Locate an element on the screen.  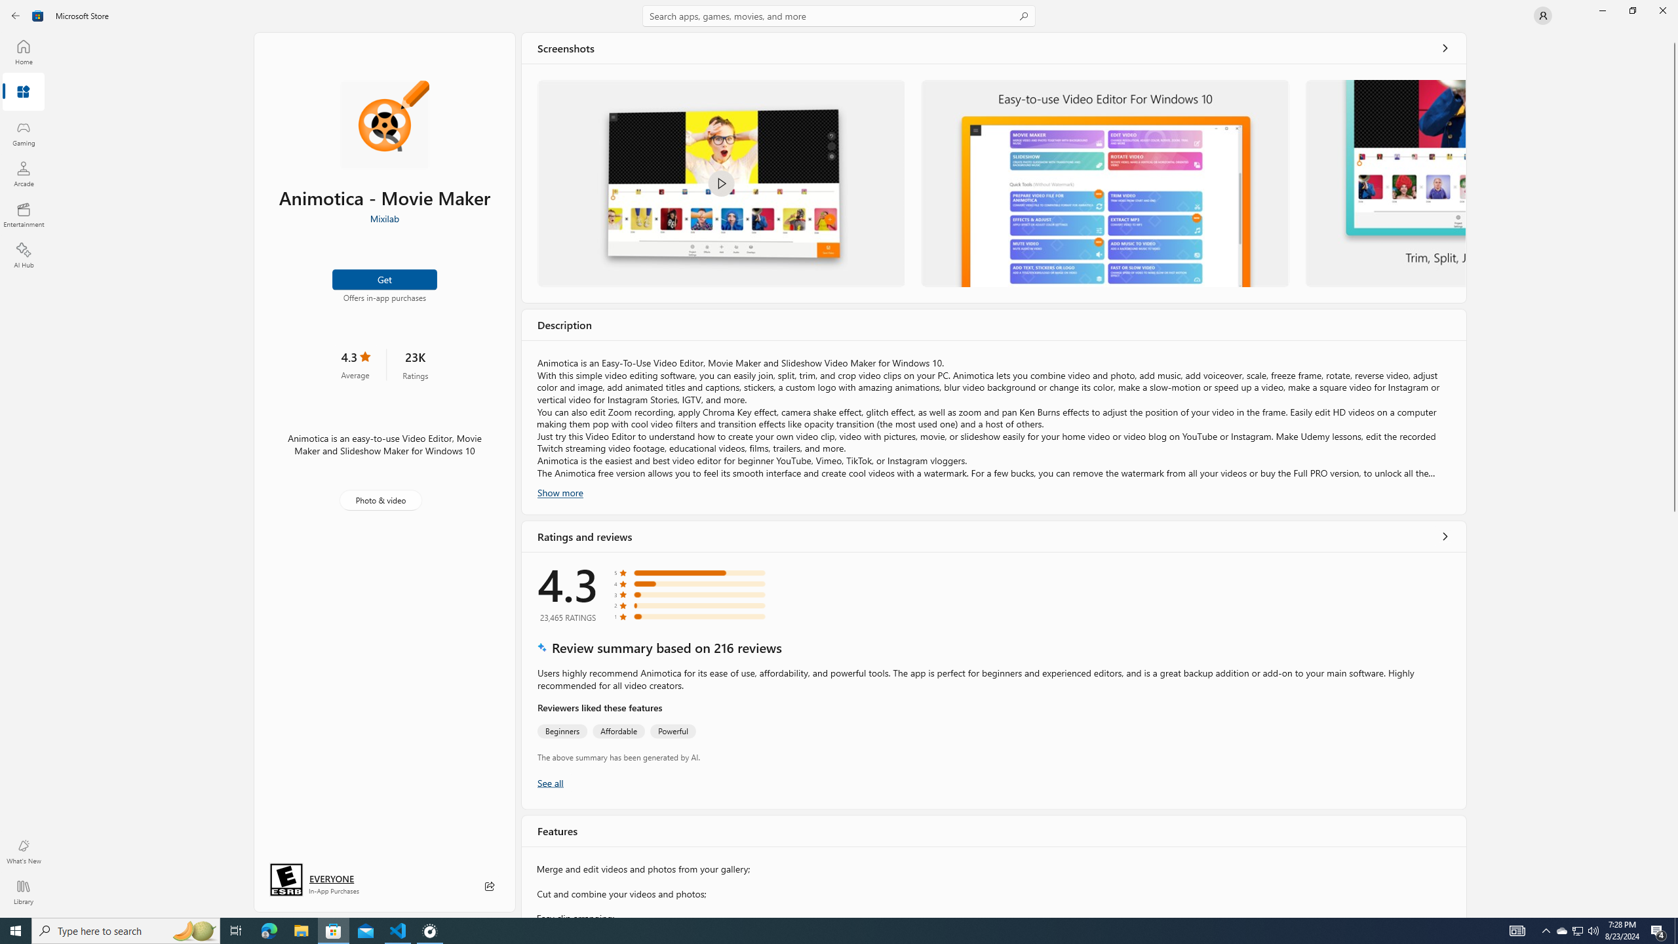
'Mixilab' is located at coordinates (384, 218).